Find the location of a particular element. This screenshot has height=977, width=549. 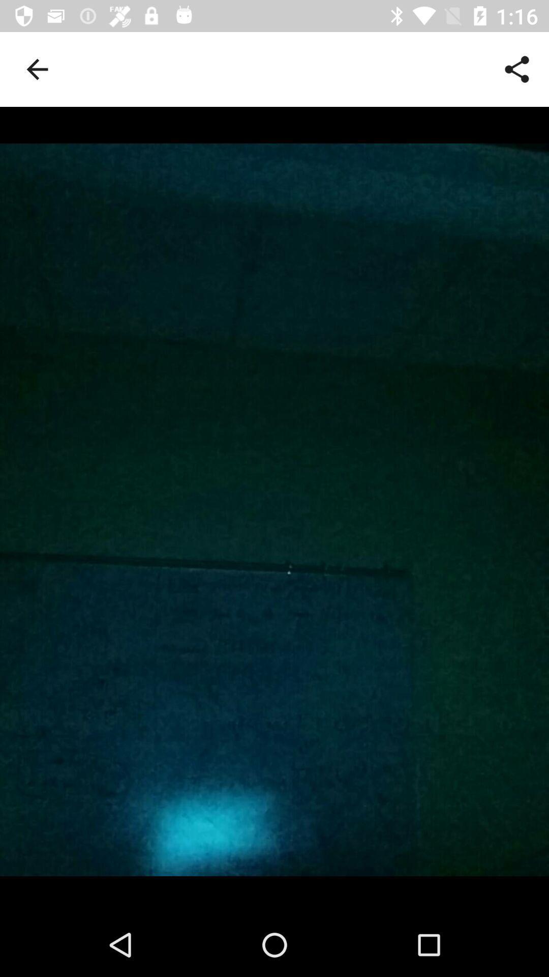

icon at the top right corner is located at coordinates (517, 69).